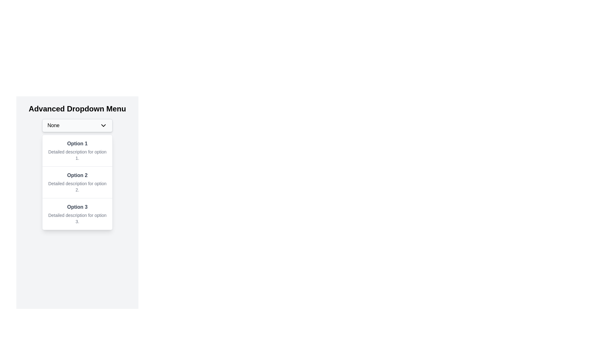  What do you see at coordinates (77, 218) in the screenshot?
I see `the gray text reading 'Detailed description for option 3.' located below the bold label 'Option 3' in the dropdown menu` at bounding box center [77, 218].